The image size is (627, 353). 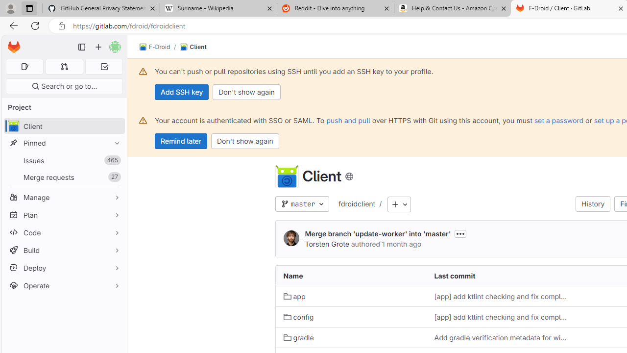 I want to click on 'Add gradle verification metadata for windows', so click(x=502, y=337).